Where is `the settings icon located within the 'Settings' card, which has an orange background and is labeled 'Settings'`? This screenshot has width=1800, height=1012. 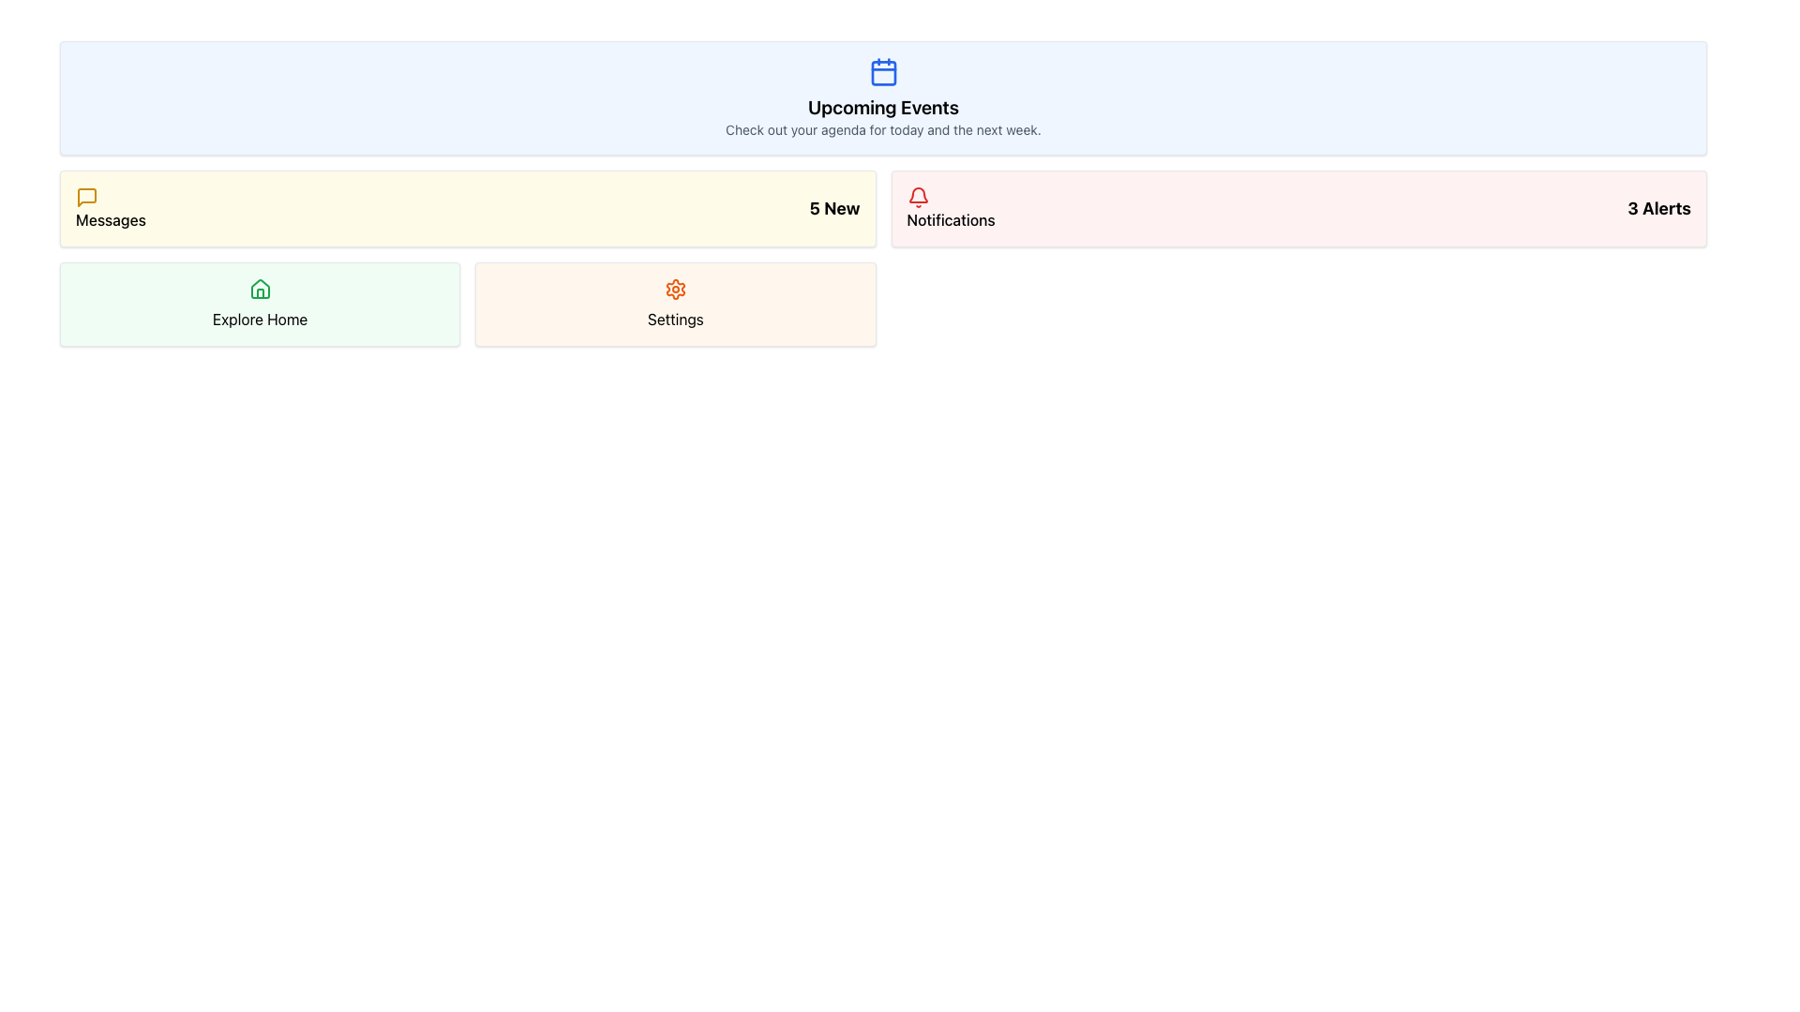 the settings icon located within the 'Settings' card, which has an orange background and is labeled 'Settings' is located at coordinates (675, 289).